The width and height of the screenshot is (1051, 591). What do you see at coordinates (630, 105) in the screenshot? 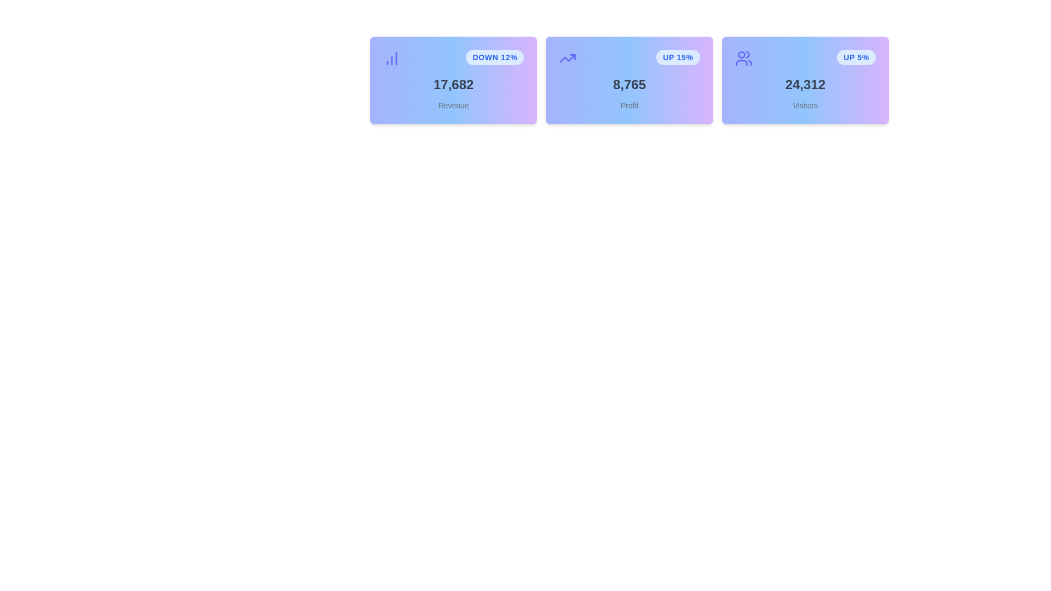
I see `the text label indicating profits, which is positioned below the numeric display '8,765' in the second card of a row of three cards` at bounding box center [630, 105].